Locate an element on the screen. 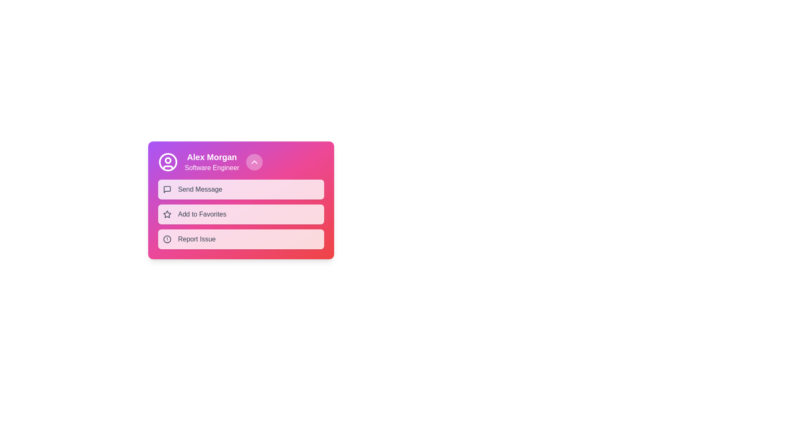 The image size is (797, 448). the user profile name label located at the top-left section of the card component, which is positioned above the text 'Software Engineer' and adjacent to an icon is located at coordinates (212, 157).